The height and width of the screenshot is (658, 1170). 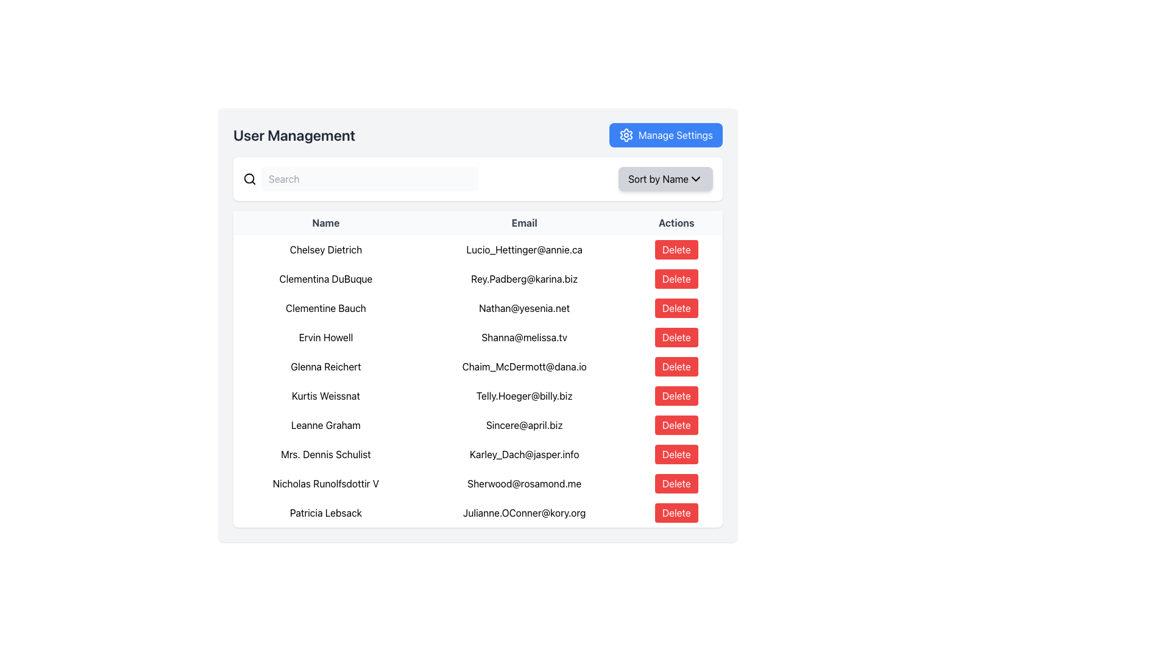 I want to click on the text label element displaying 'Mrs. Dennis Schulist' located in the 'Name' column of the table, specifically in the seventh row, so click(x=325, y=454).